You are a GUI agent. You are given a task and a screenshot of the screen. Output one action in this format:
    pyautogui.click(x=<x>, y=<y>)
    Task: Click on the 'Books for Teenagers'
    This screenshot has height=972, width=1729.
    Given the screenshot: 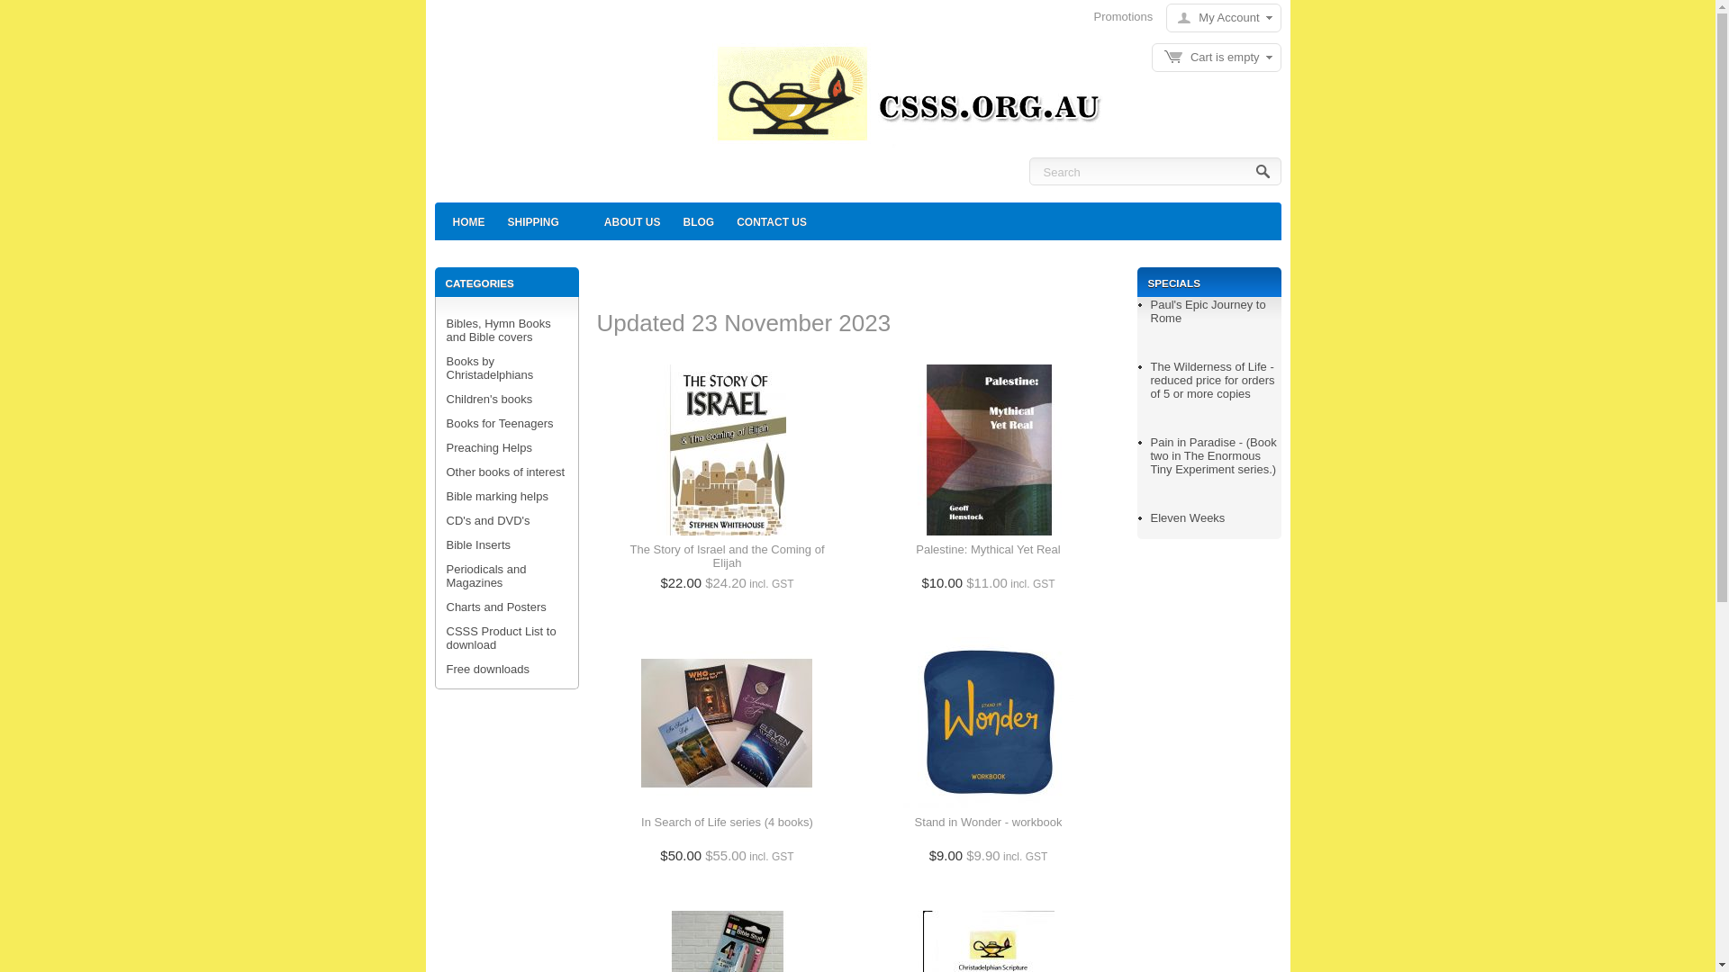 What is the action you would take?
    pyautogui.click(x=446, y=423)
    